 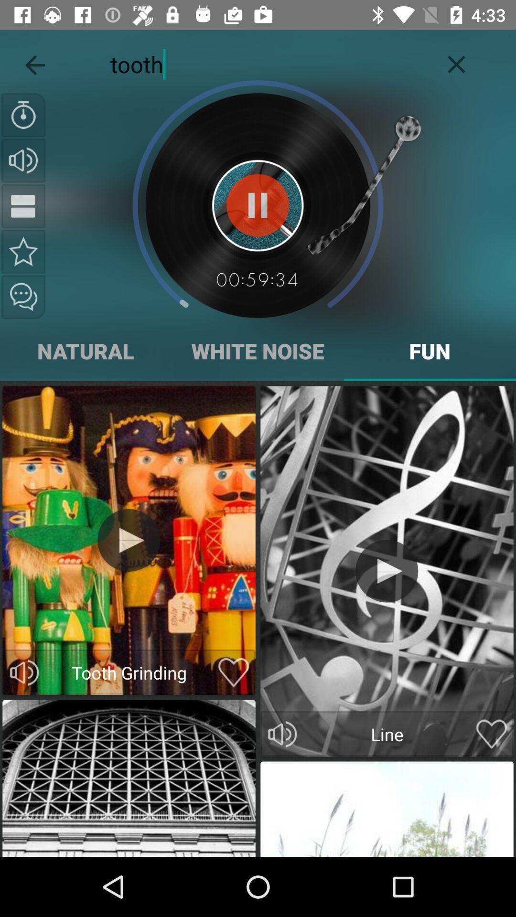 What do you see at coordinates (234, 672) in the screenshot?
I see `video` at bounding box center [234, 672].